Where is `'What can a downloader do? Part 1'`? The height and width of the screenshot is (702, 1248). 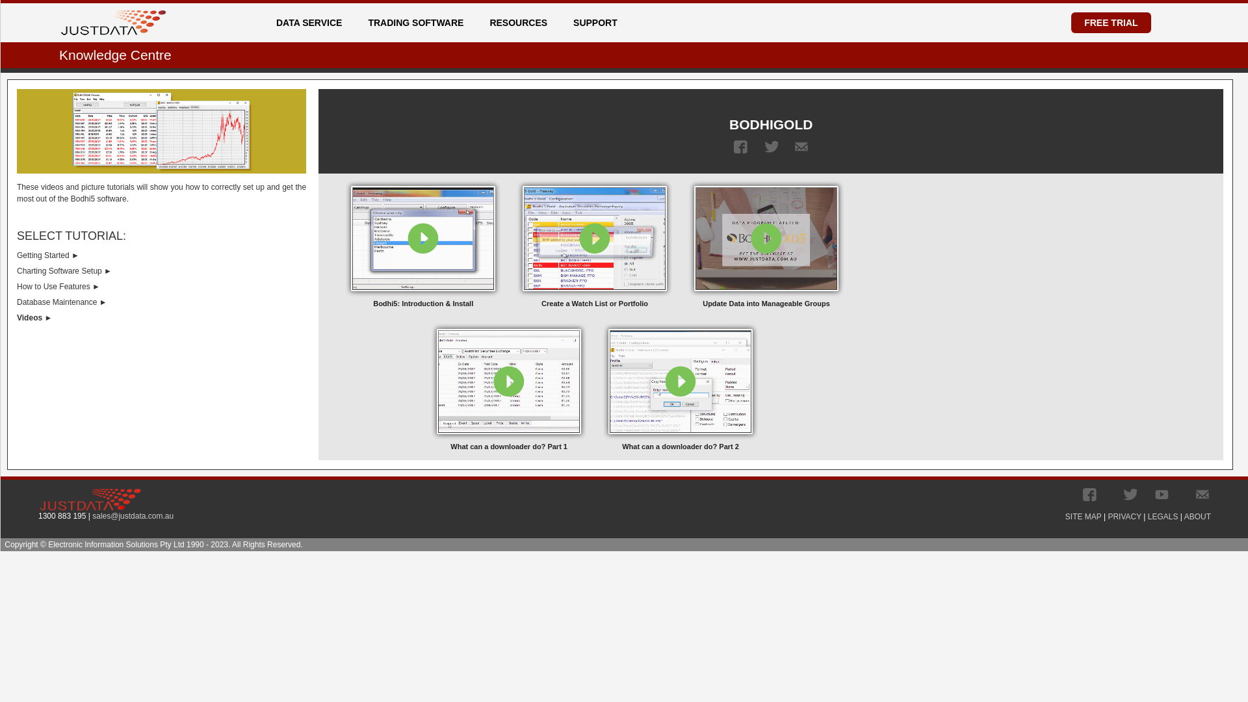
'What can a downloader do? Part 1' is located at coordinates (508, 387).